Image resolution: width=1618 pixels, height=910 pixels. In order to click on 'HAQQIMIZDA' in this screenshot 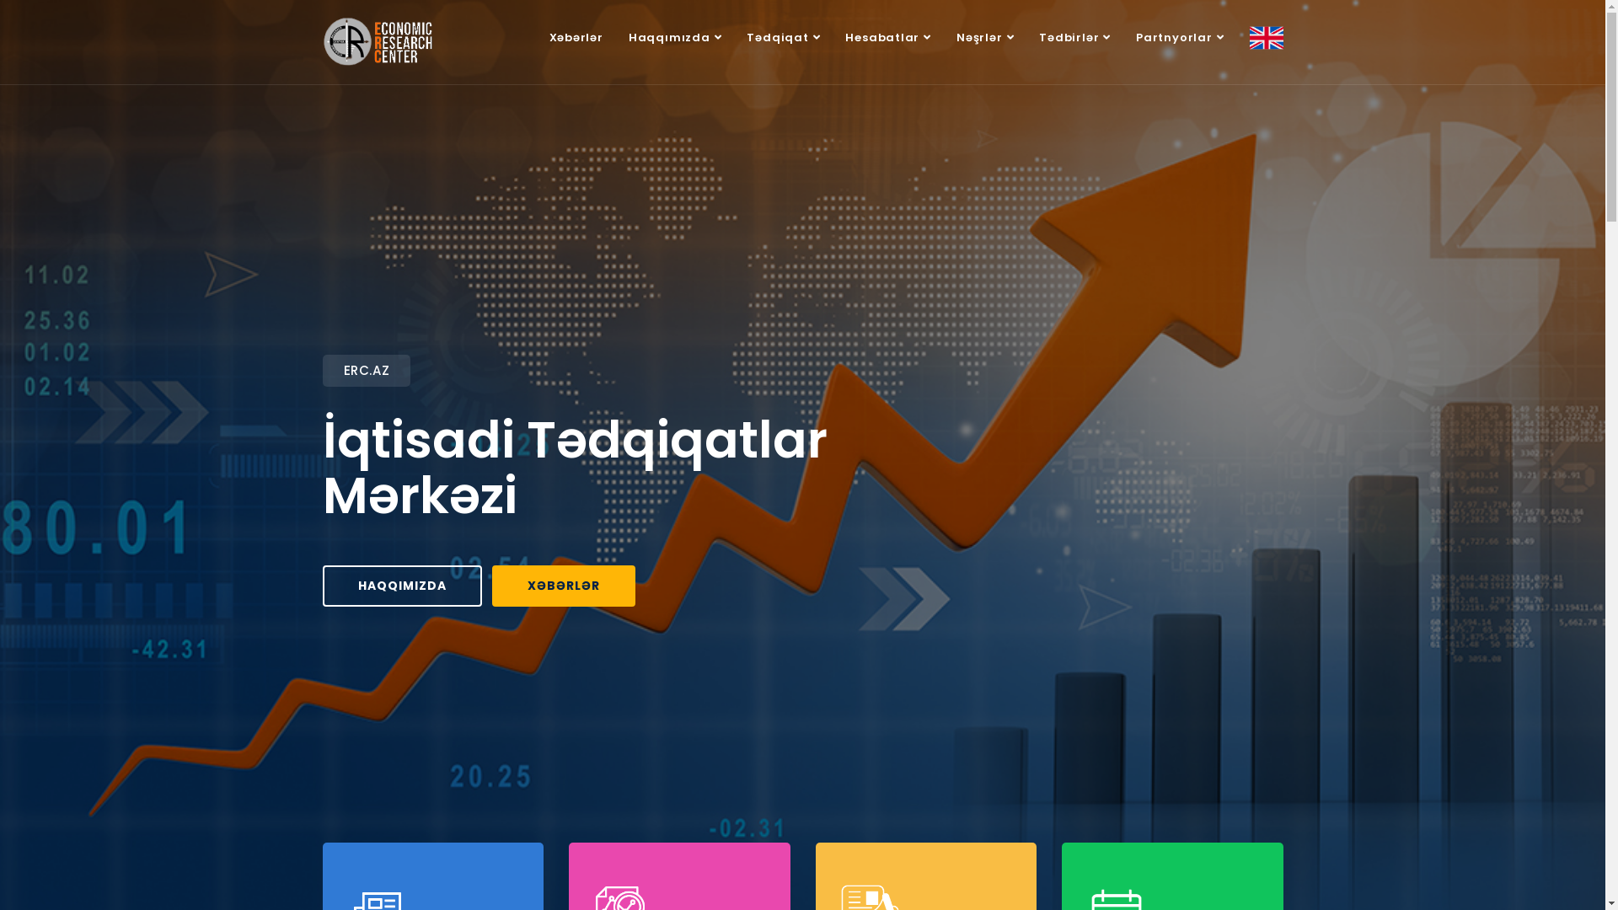, I will do `click(400, 584)`.